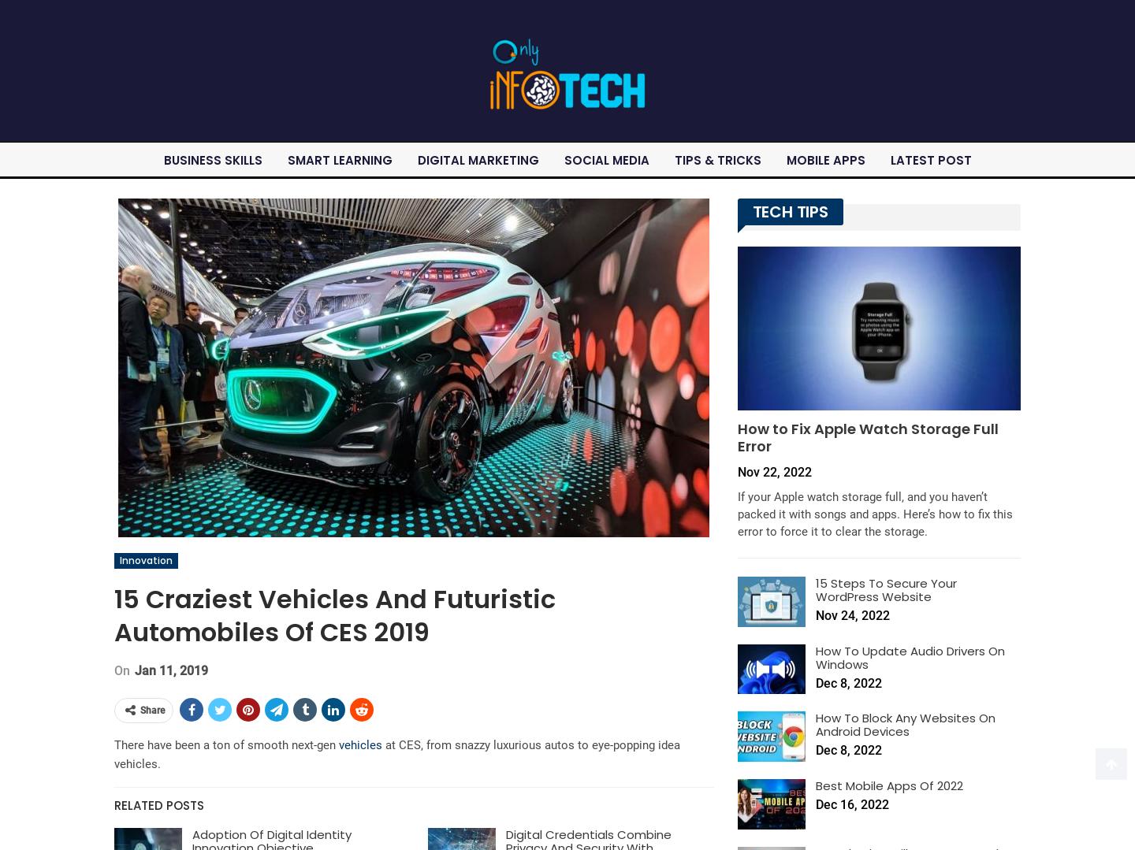  Describe the element at coordinates (815, 615) in the screenshot. I see `'Nov 24, 2022'` at that location.